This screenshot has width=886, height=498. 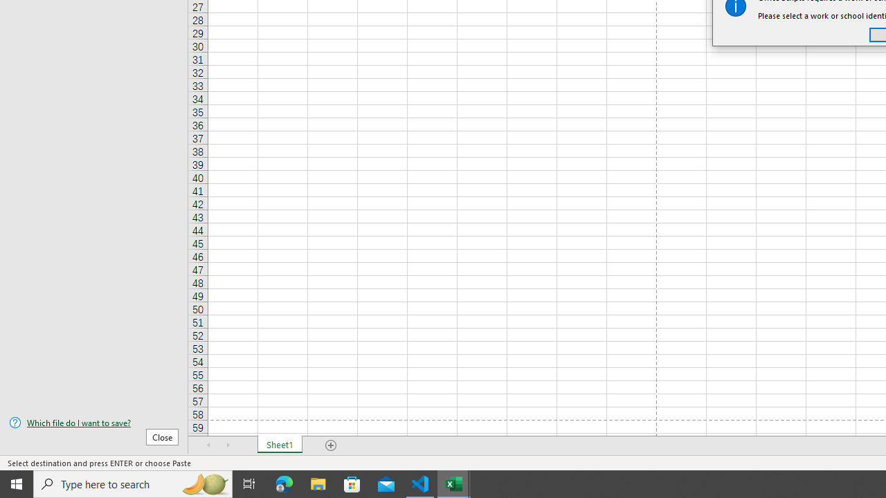 What do you see at coordinates (204, 483) in the screenshot?
I see `'Search highlights icon opens search home window'` at bounding box center [204, 483].